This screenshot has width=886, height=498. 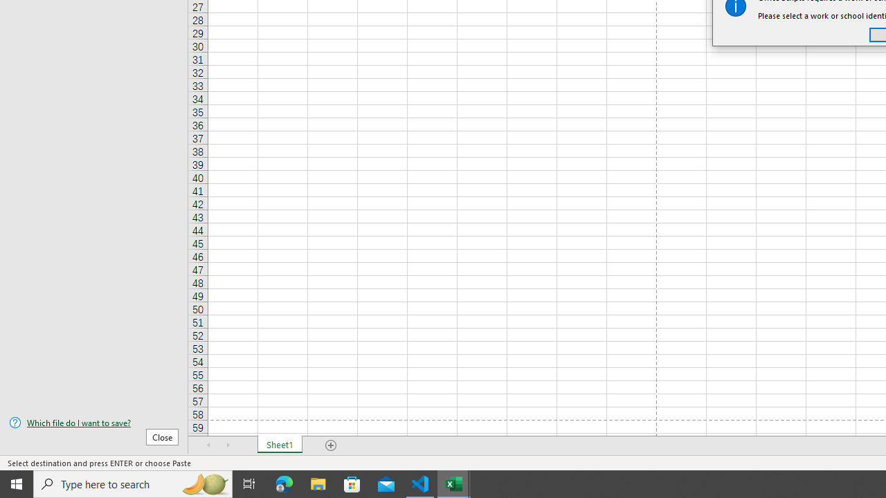 What do you see at coordinates (204, 483) in the screenshot?
I see `'Search highlights icon opens search home window'` at bounding box center [204, 483].